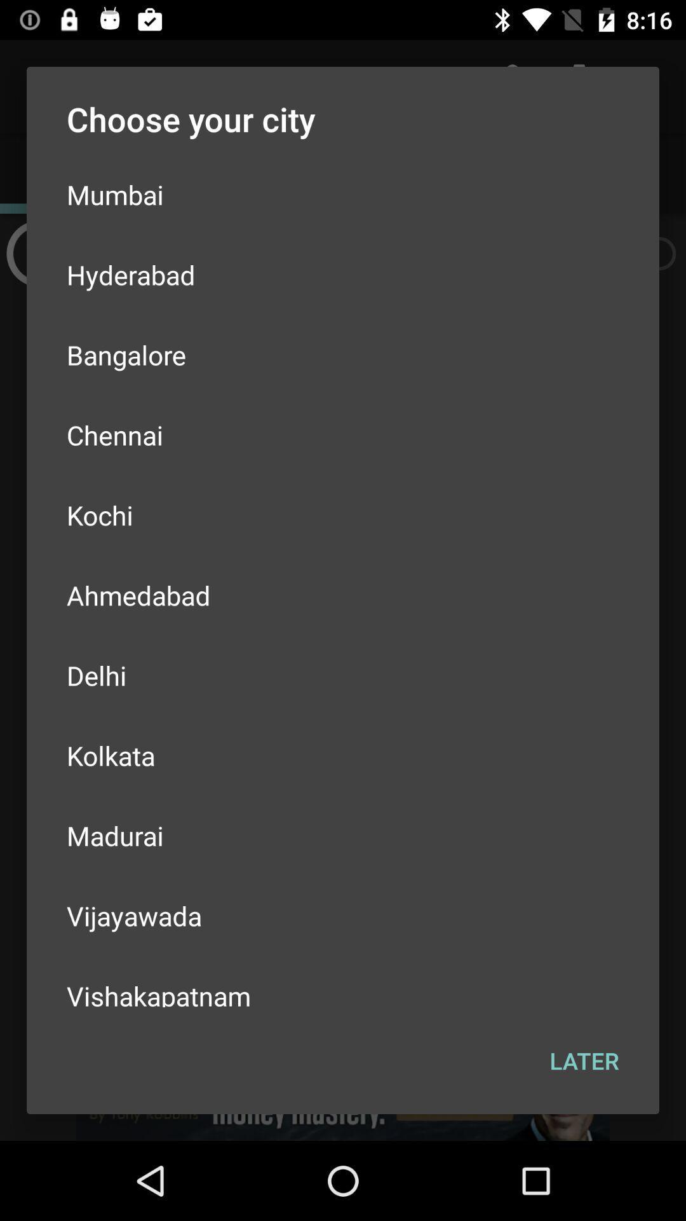 The width and height of the screenshot is (686, 1221). What do you see at coordinates (343, 354) in the screenshot?
I see `icon below hyderabad` at bounding box center [343, 354].